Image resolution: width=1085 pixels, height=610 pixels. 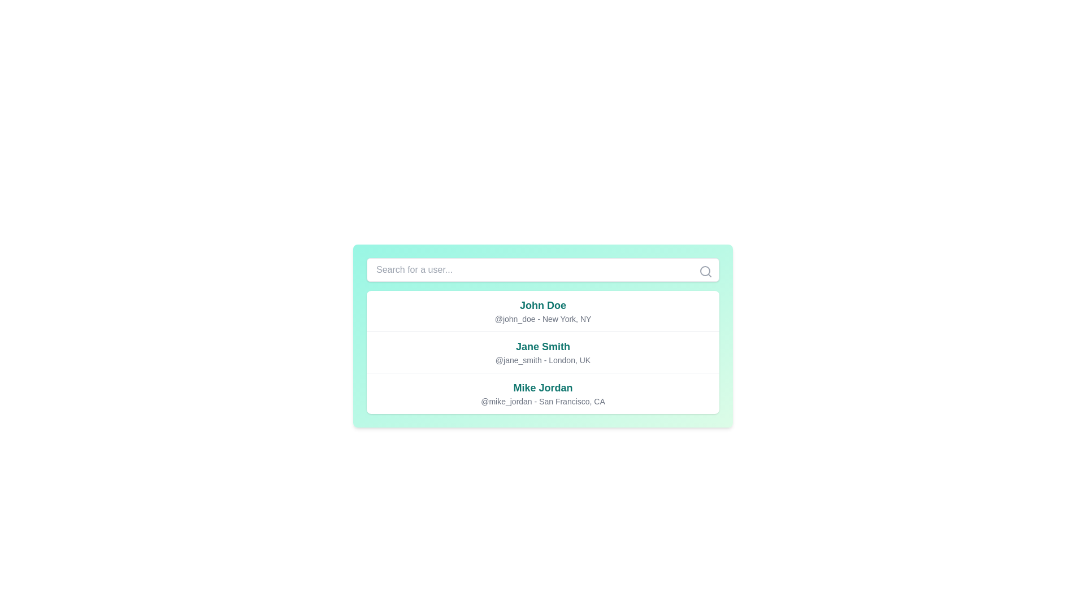 I want to click on the first list item displaying user information for 'John Doe' to activate the hover effect, so click(x=542, y=311).